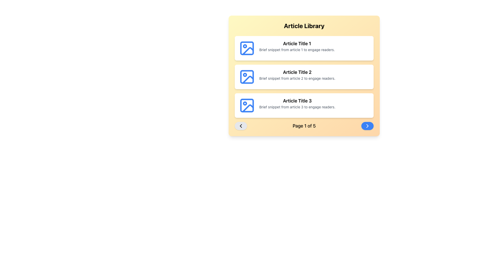 Image resolution: width=491 pixels, height=276 pixels. Describe the element at coordinates (247, 105) in the screenshot. I see `the article icon located on the left side of the third entry under the 'Article Library' section, which visually represents an article entry` at that location.